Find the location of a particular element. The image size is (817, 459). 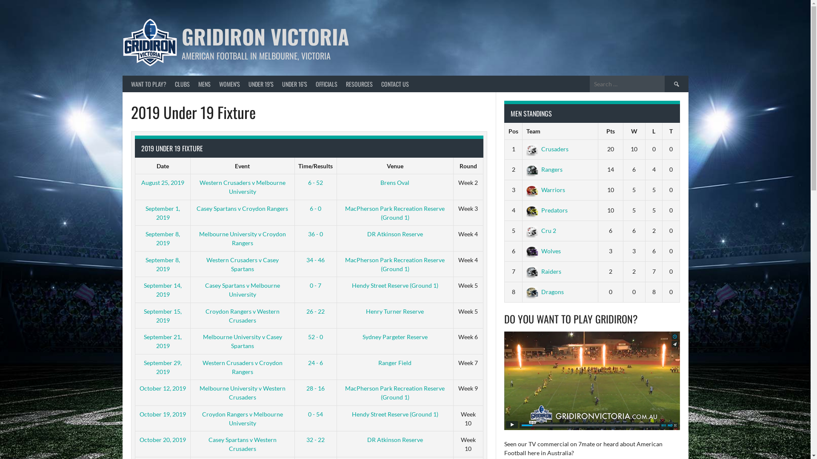

'Sydney Pargeter Reserve' is located at coordinates (394, 336).